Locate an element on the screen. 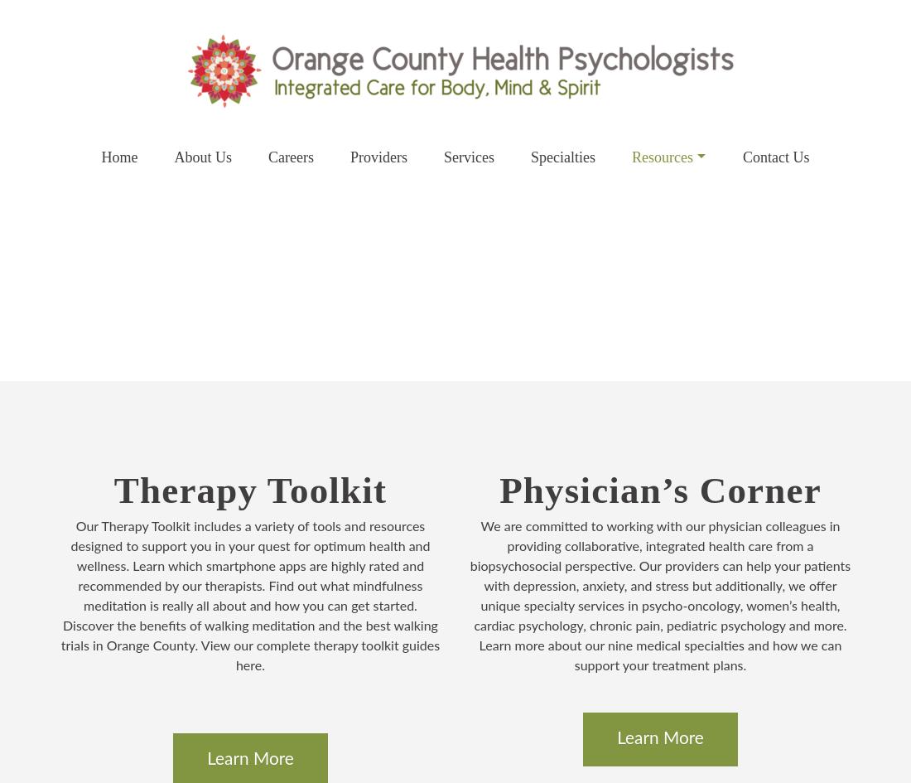 The image size is (911, 783). 'Providers' is located at coordinates (378, 157).